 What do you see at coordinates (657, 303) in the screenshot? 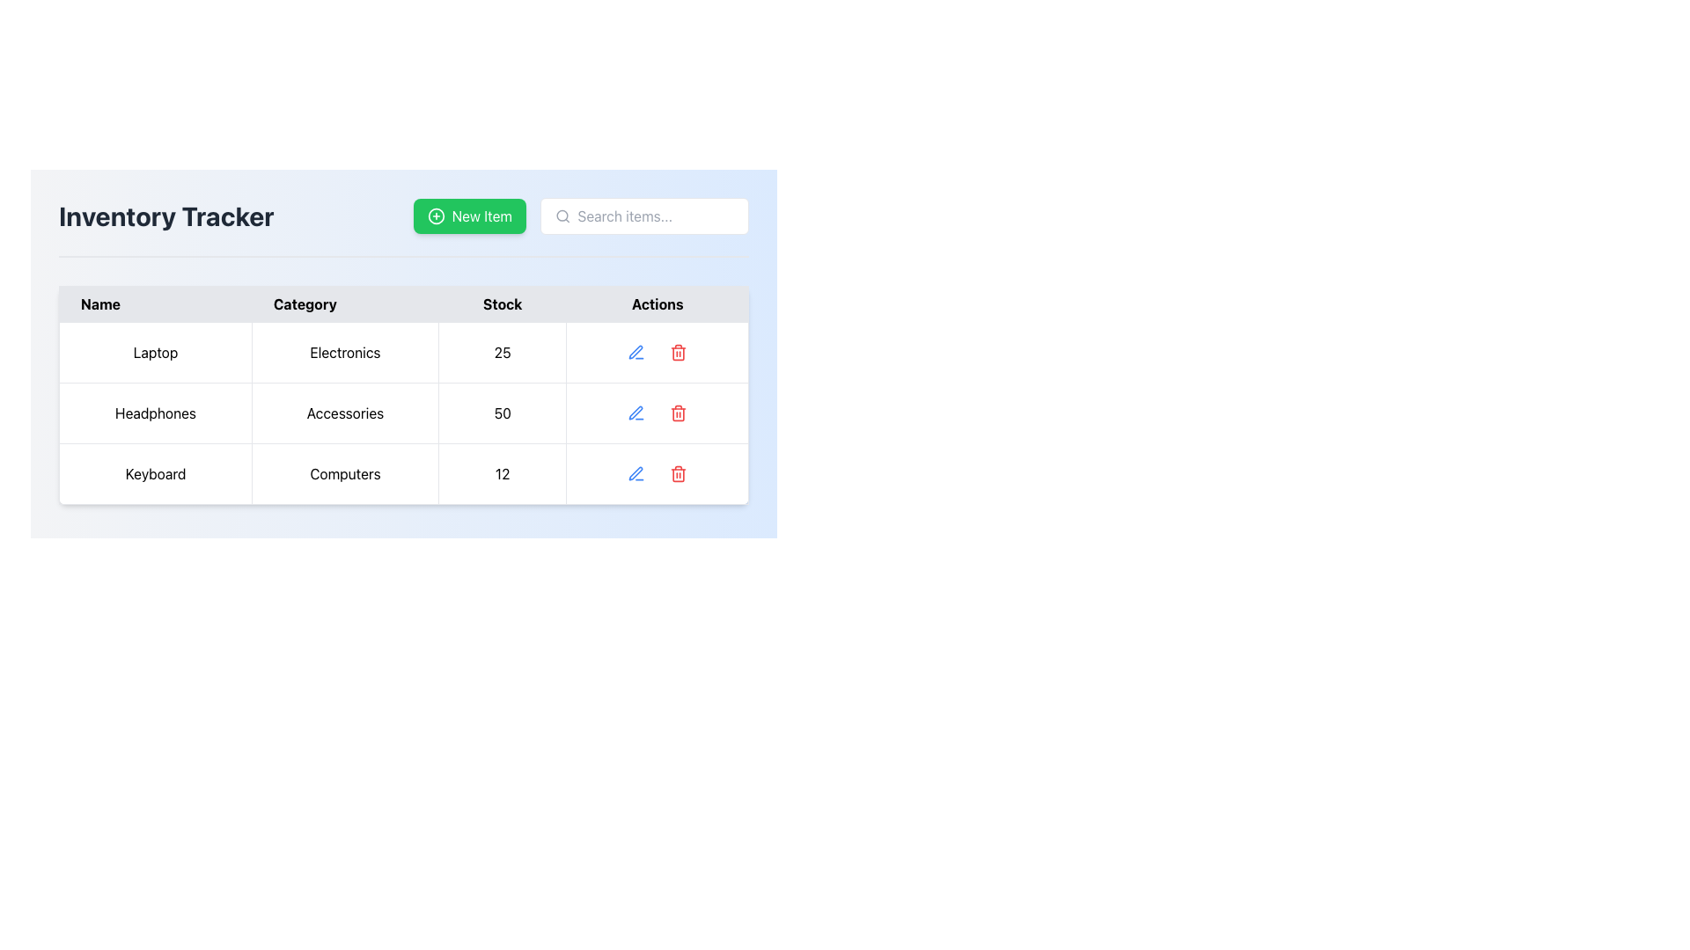
I see `the 'Actions' column header to sort the column, if sortable` at bounding box center [657, 303].